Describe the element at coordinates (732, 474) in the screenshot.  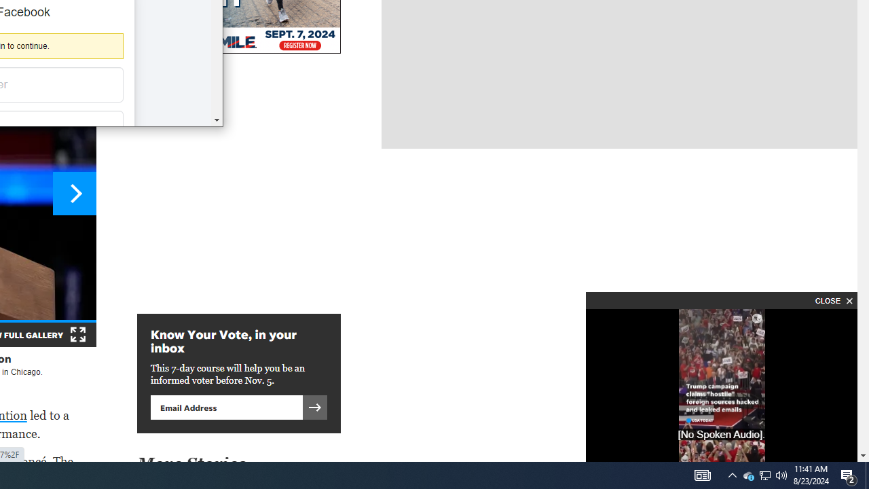
I see `'Notification Chevron'` at that location.